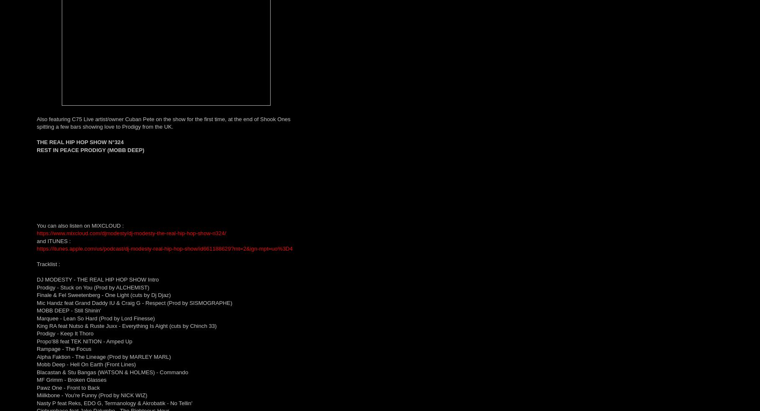  I want to click on 'Also featuring C75 Live artist/owner Cuban Pete on the show for the first time, at the end of Shook Ones spitting a few bars showing love to Prodigy from the UK.', so click(163, 122).